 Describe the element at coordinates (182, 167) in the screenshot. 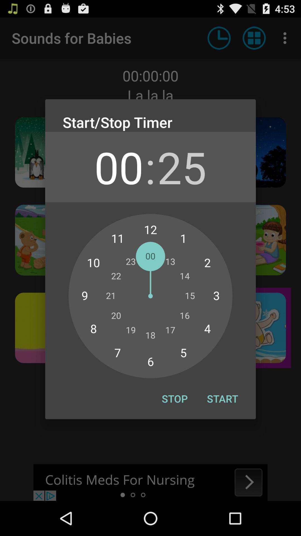

I see `25` at that location.